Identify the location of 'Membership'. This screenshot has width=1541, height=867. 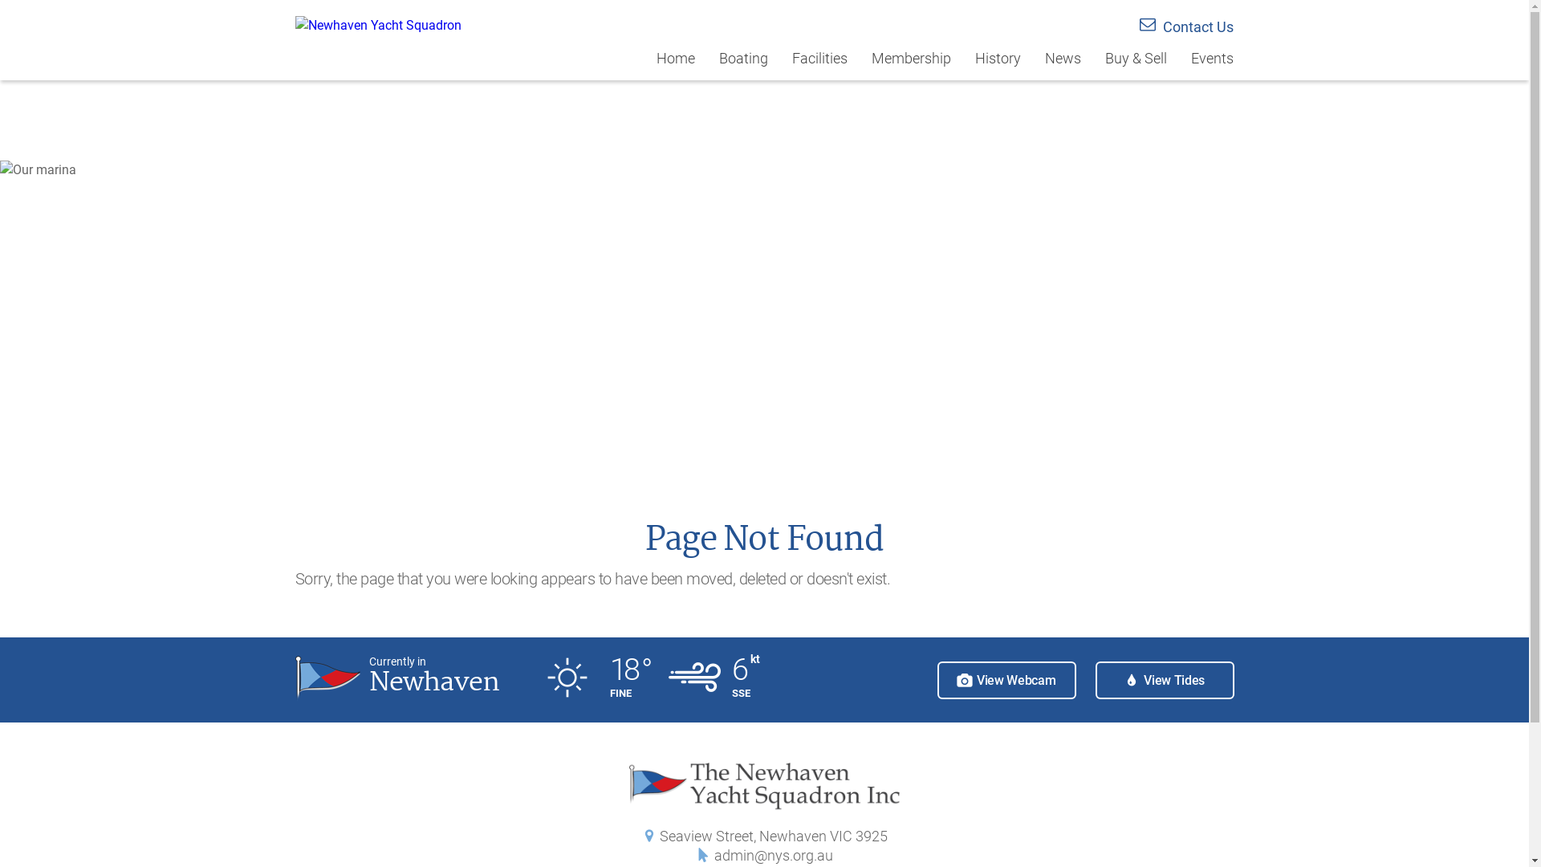
(911, 63).